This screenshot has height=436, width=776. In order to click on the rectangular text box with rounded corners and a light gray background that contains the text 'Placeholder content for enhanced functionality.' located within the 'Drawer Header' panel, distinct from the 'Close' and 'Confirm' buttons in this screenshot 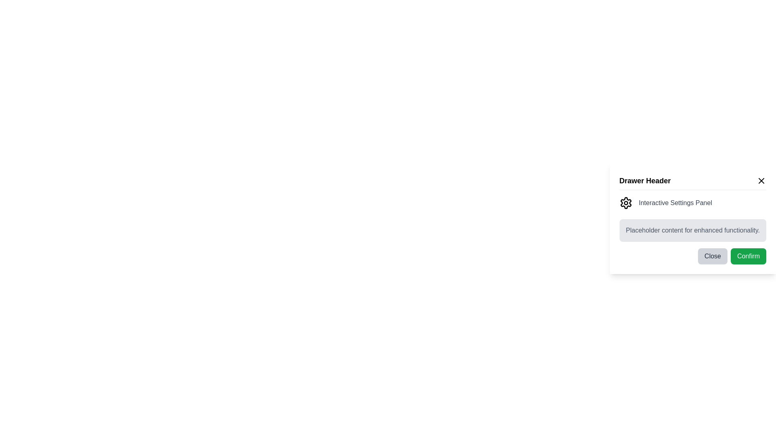, I will do `click(692, 230)`.